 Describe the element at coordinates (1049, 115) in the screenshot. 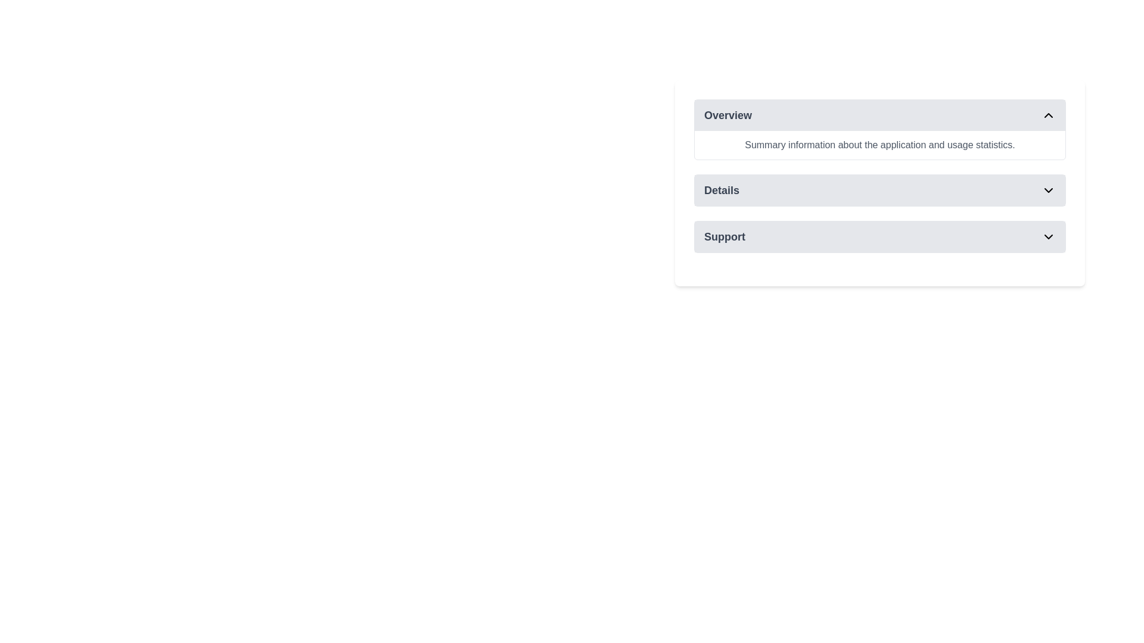

I see `the expand/collapse toggle icon for the 'Overview' section, which is located at the top-right corner beside the 'Overview' text` at that location.